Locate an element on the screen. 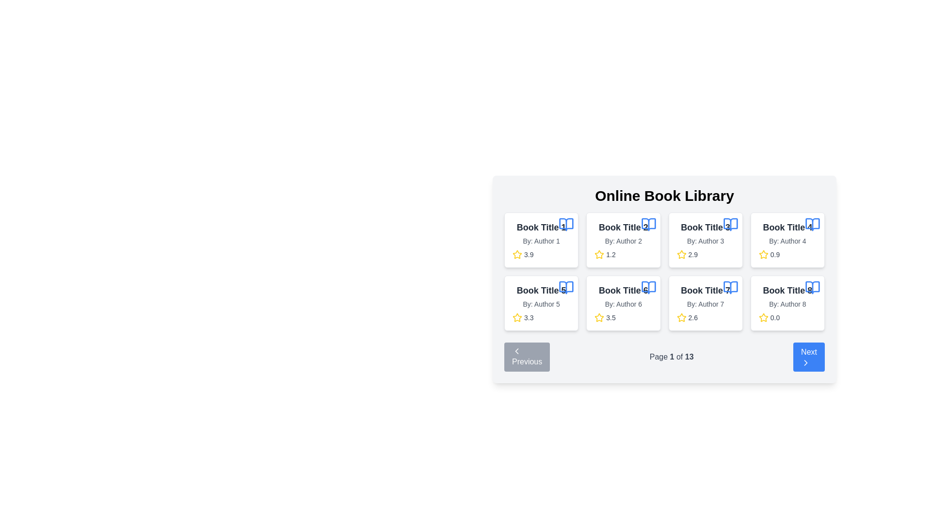 Image resolution: width=931 pixels, height=524 pixels. the white card with rounded corners that contains a title, subtitle, and star rating, located in the second row and second column of the grid layout is located at coordinates (623, 302).